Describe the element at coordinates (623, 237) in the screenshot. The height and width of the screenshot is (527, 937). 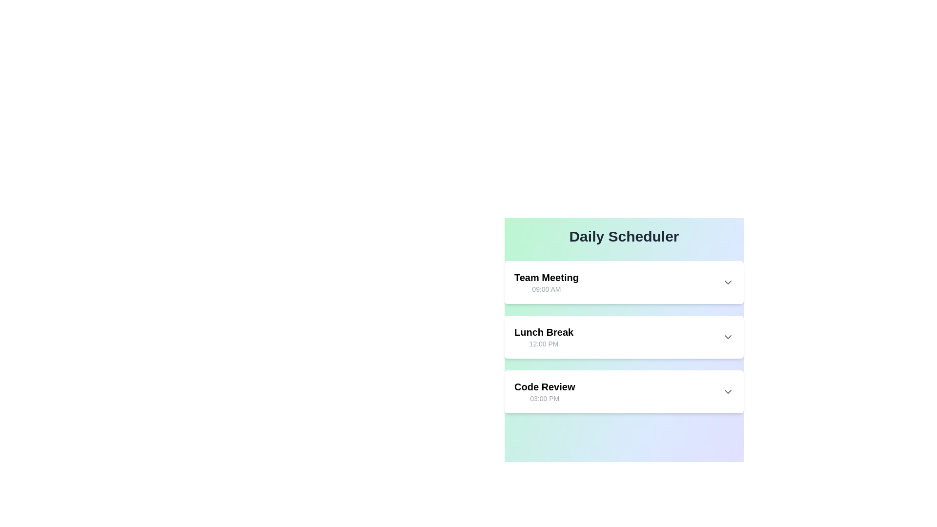
I see `text of the header labeled 'Daily Scheduler', which is bold and centrally aligned within a gradient background` at that location.